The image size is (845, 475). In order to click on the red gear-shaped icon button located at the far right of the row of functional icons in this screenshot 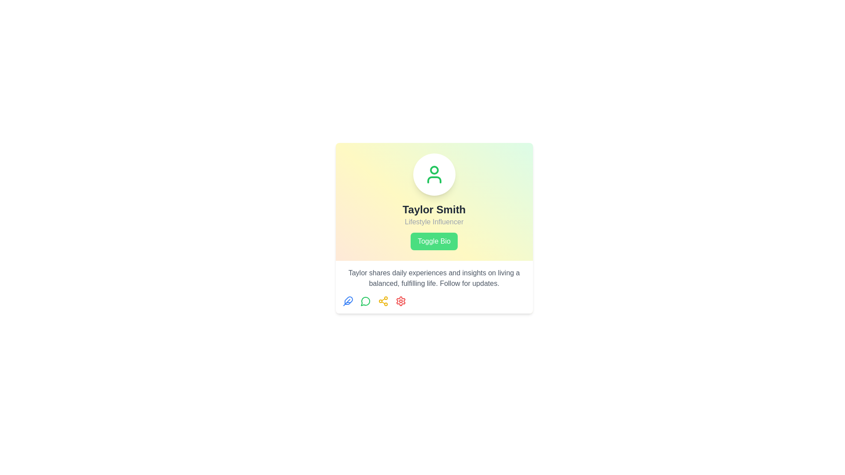, I will do `click(400, 301)`.